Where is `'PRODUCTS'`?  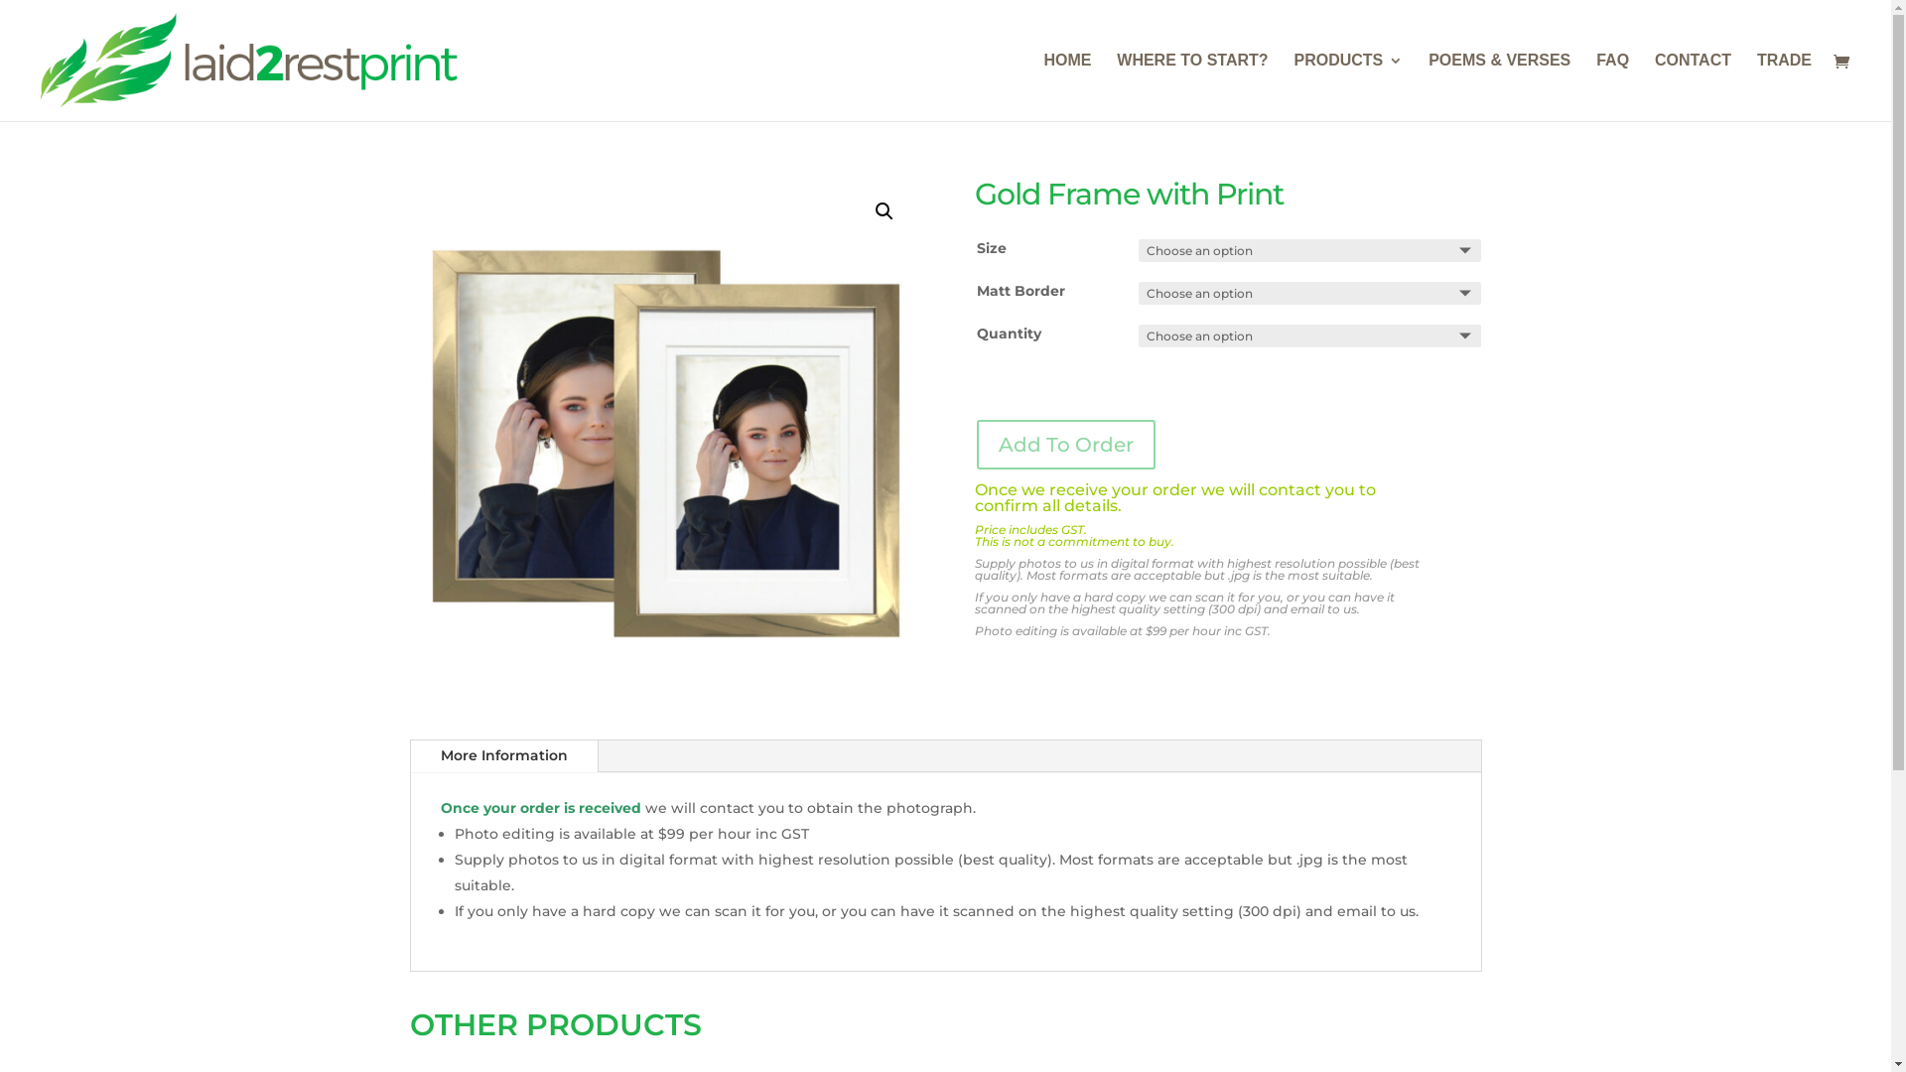
'PRODUCTS' is located at coordinates (1293, 86).